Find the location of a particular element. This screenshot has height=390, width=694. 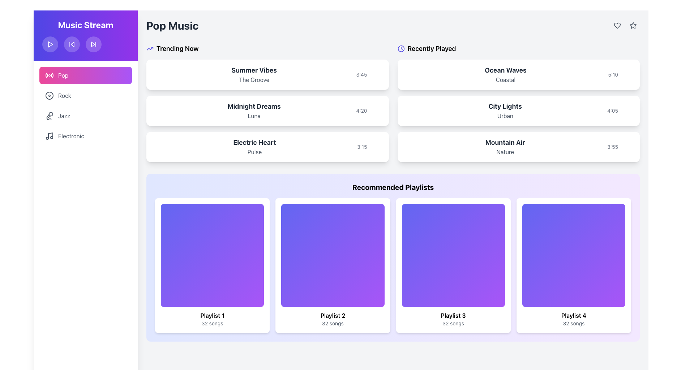

the displayed time information '3:15' from the text label located to the far right of the 'Electric Heart' and 'Pulse' in the 'Trending Now' section is located at coordinates (370, 147).